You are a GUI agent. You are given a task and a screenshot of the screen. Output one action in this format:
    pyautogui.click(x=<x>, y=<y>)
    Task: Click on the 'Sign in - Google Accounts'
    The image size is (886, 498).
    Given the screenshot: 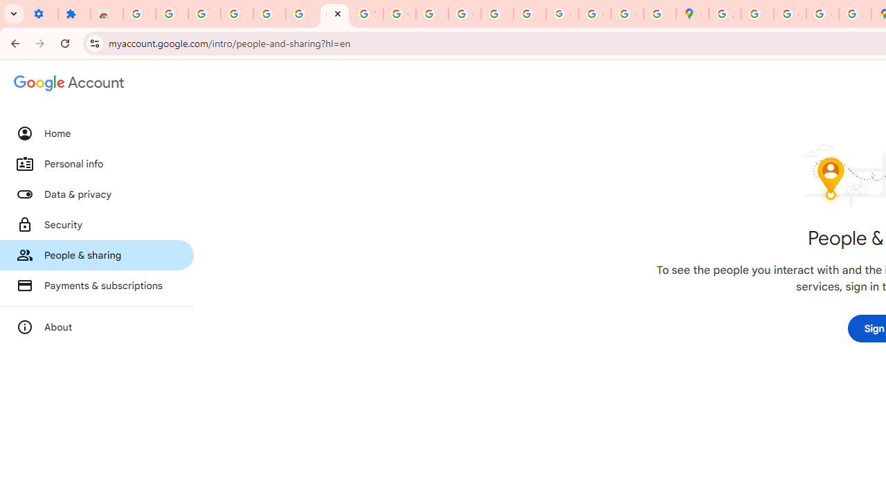 What is the action you would take?
    pyautogui.click(x=139, y=14)
    